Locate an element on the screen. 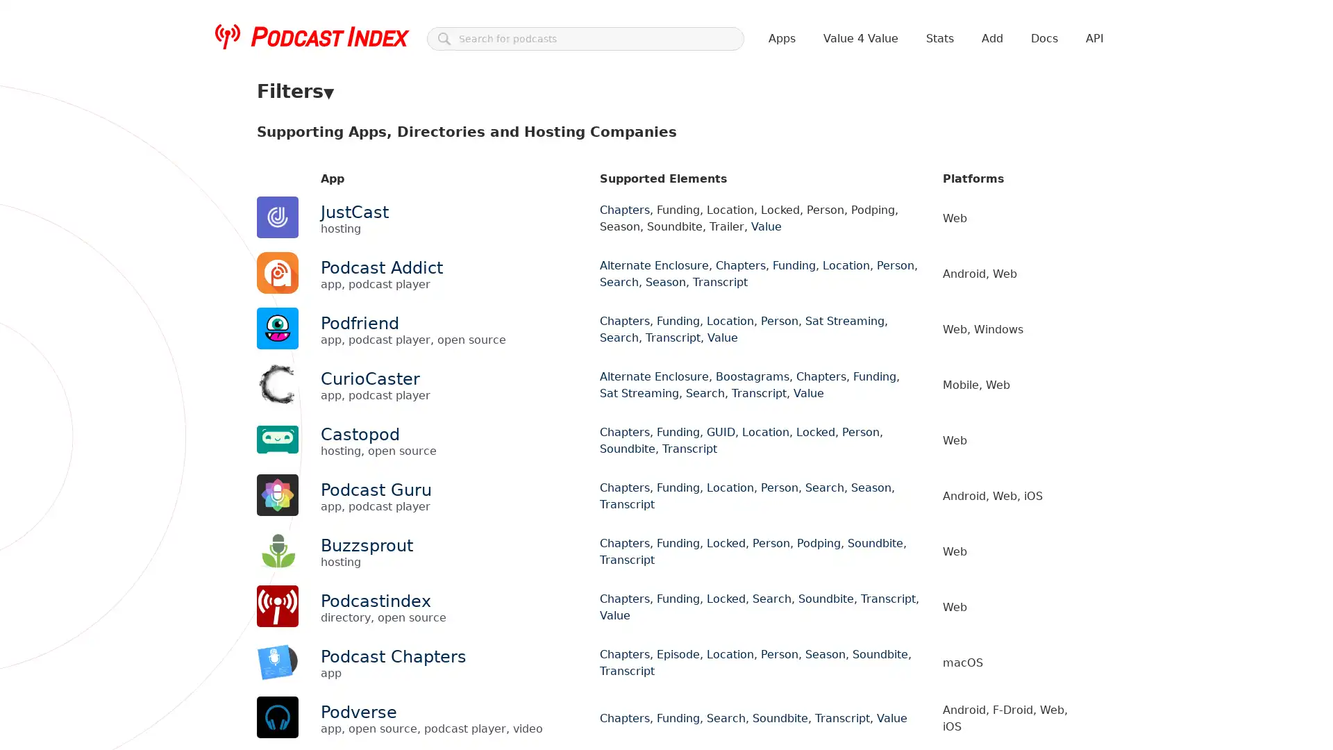 Image resolution: width=1333 pixels, height=750 pixels. Clear is located at coordinates (276, 210).